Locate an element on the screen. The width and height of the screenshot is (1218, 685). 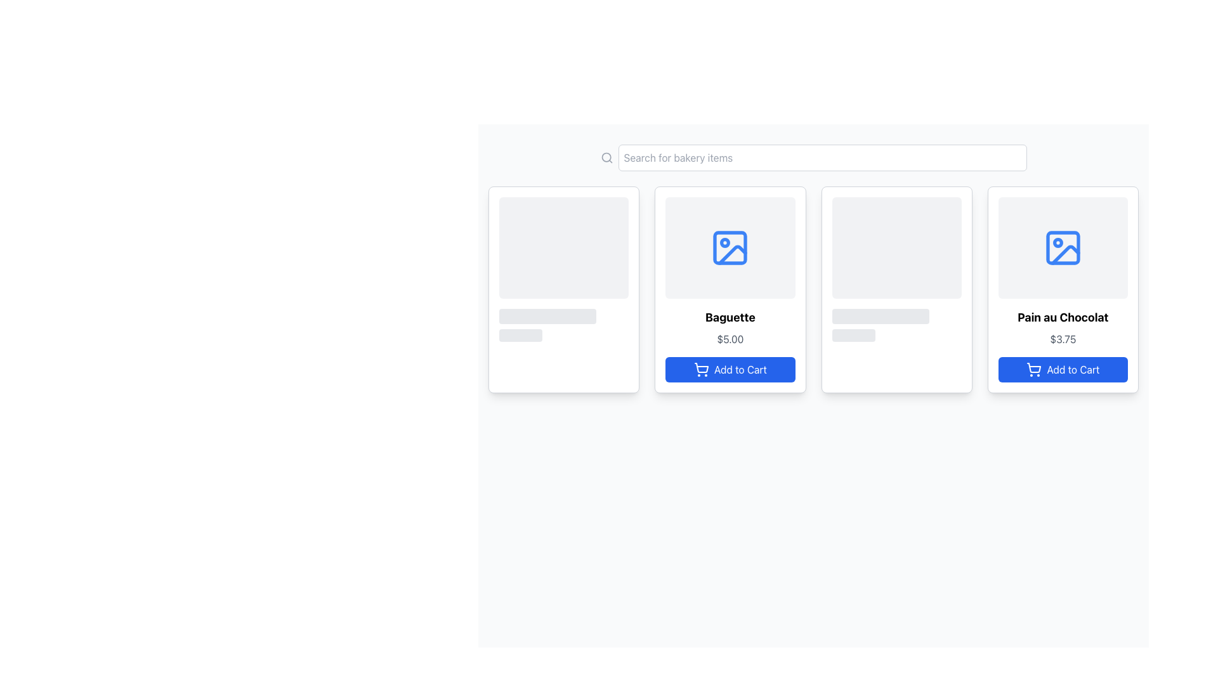
the blue 'Add to Cart' button with a shopping cart icon, located at the bottom of the 'Baguette' product card is located at coordinates (730, 369).